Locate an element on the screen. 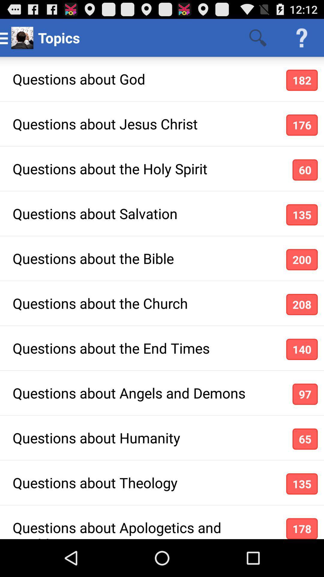 The width and height of the screenshot is (324, 577). app above questions about humanity is located at coordinates (305, 394).